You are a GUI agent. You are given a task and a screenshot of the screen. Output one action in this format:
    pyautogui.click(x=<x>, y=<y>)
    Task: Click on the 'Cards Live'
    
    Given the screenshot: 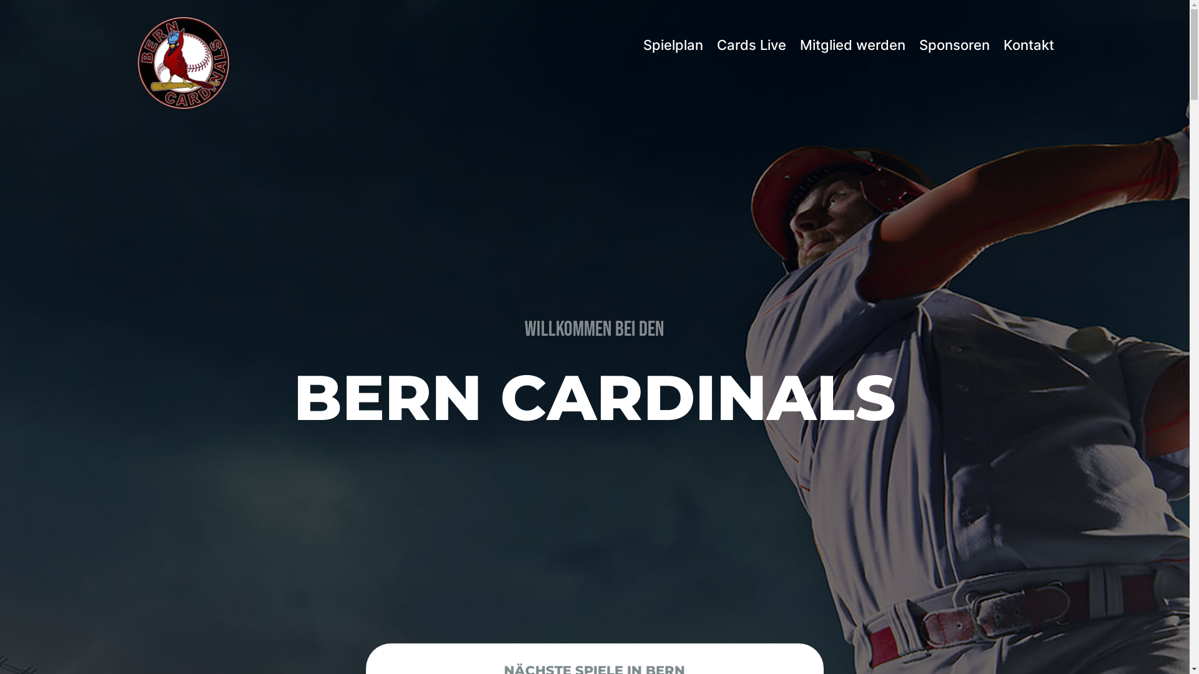 What is the action you would take?
    pyautogui.click(x=716, y=44)
    